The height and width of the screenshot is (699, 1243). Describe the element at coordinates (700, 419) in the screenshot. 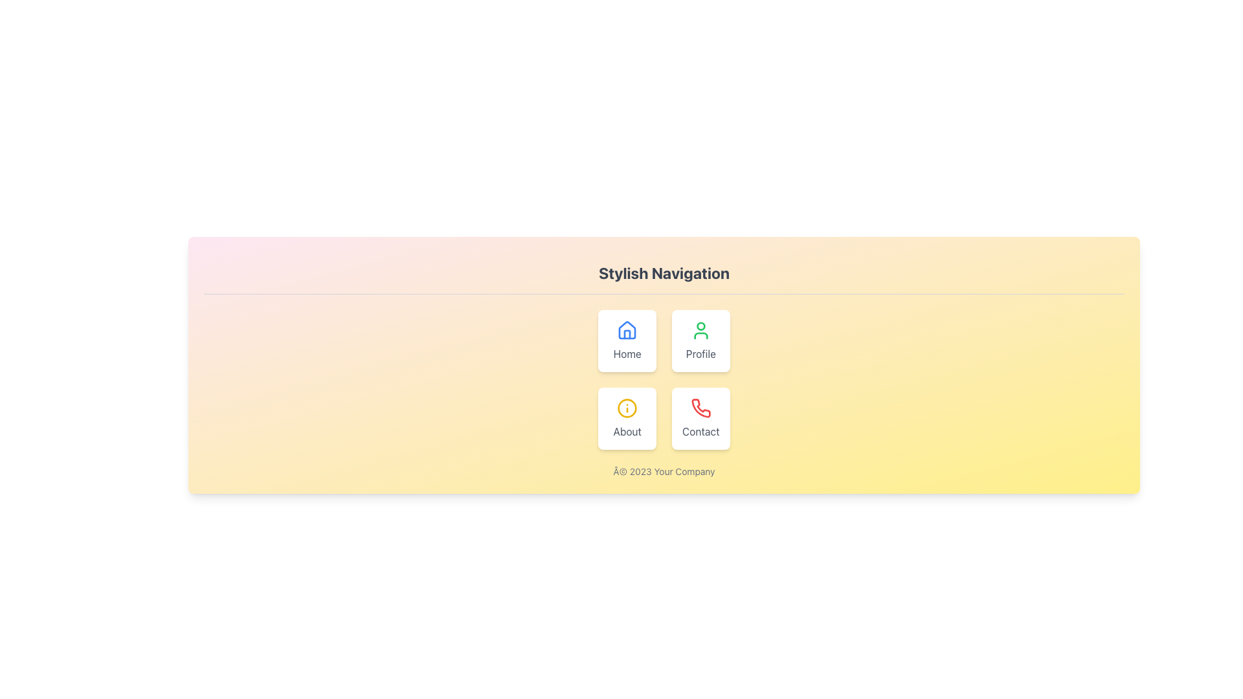

I see `the 'Contact' navigational button located in the bottom-right cell of a 2x2 grid layout to change its appearance` at that location.